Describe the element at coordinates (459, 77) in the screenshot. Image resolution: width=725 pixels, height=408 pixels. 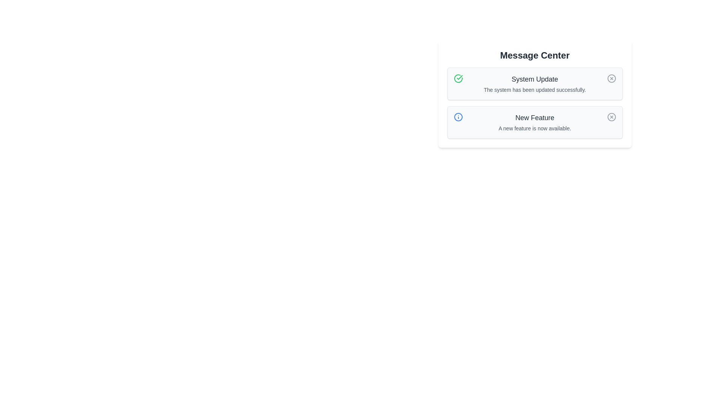
I see `the green checkmark icon indicating successful completion of a system update located in the top left corner of the first notification card under 'Message Center'` at that location.